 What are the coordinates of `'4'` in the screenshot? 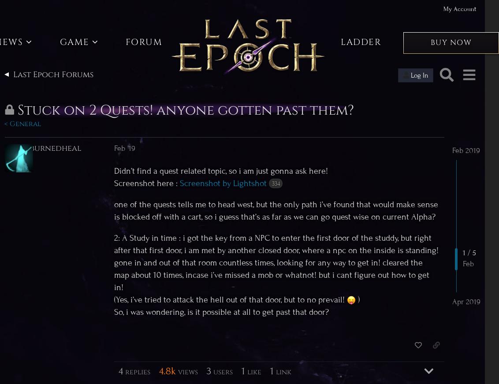 It's located at (118, 370).